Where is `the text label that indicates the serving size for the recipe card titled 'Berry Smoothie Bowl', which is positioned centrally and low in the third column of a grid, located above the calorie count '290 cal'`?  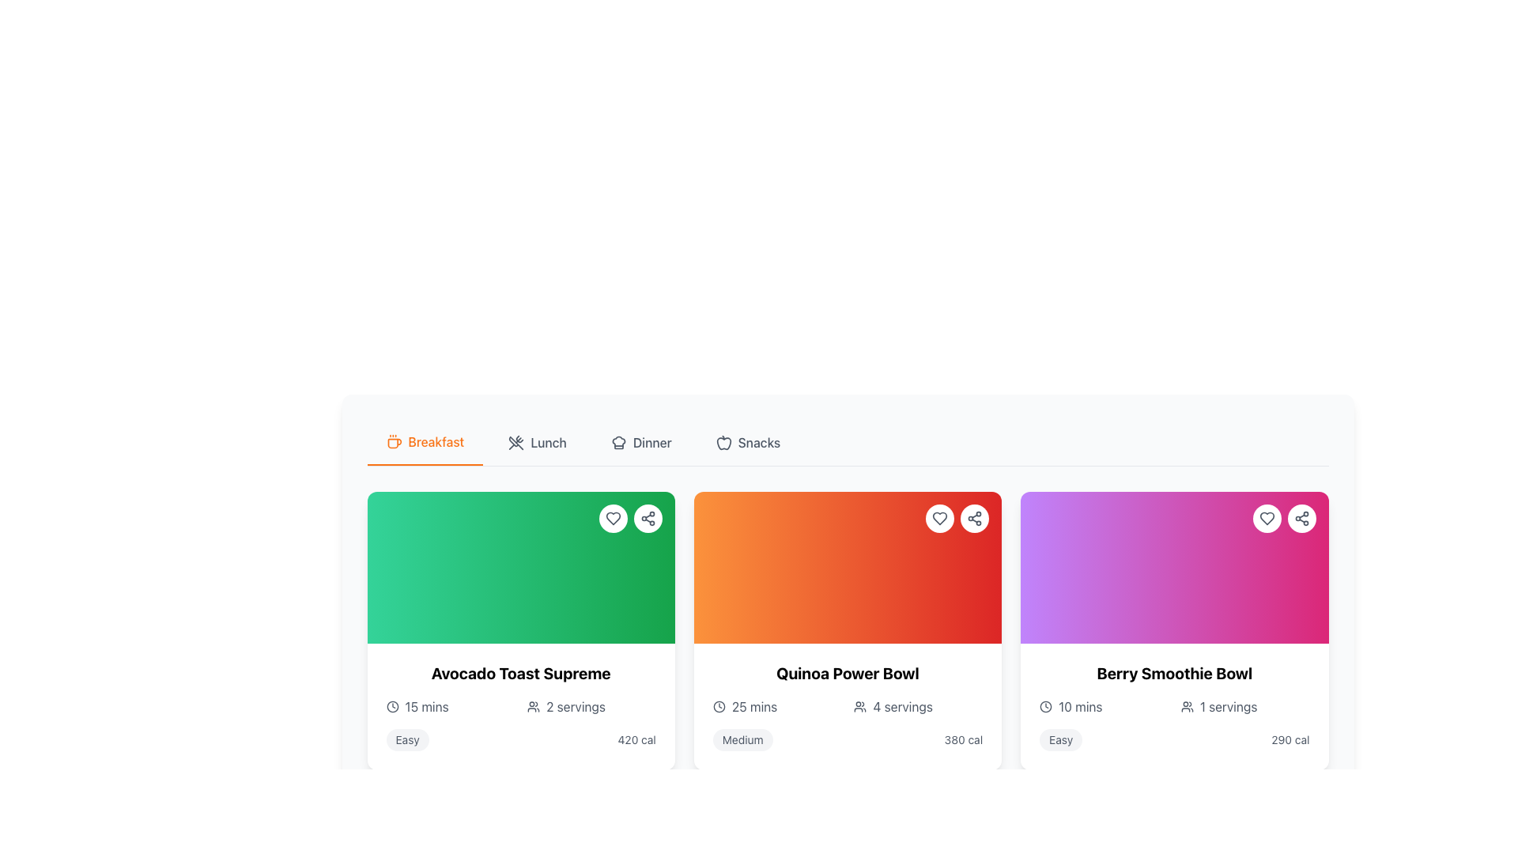
the text label that indicates the serving size for the recipe card titled 'Berry Smoothie Bowl', which is positioned centrally and low in the third column of a grid, located above the calorie count '290 cal' is located at coordinates (1228, 706).